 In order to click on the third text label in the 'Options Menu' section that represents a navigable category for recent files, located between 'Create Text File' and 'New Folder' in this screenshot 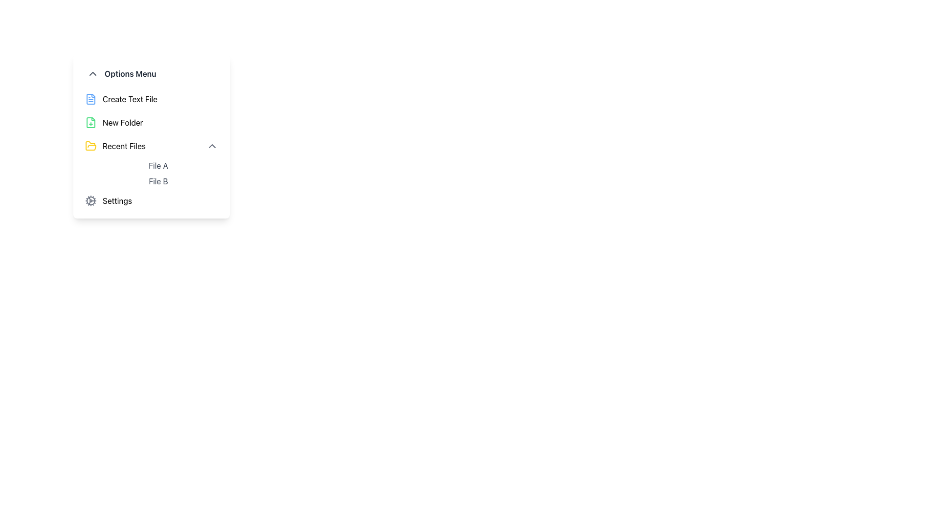, I will do `click(124, 146)`.